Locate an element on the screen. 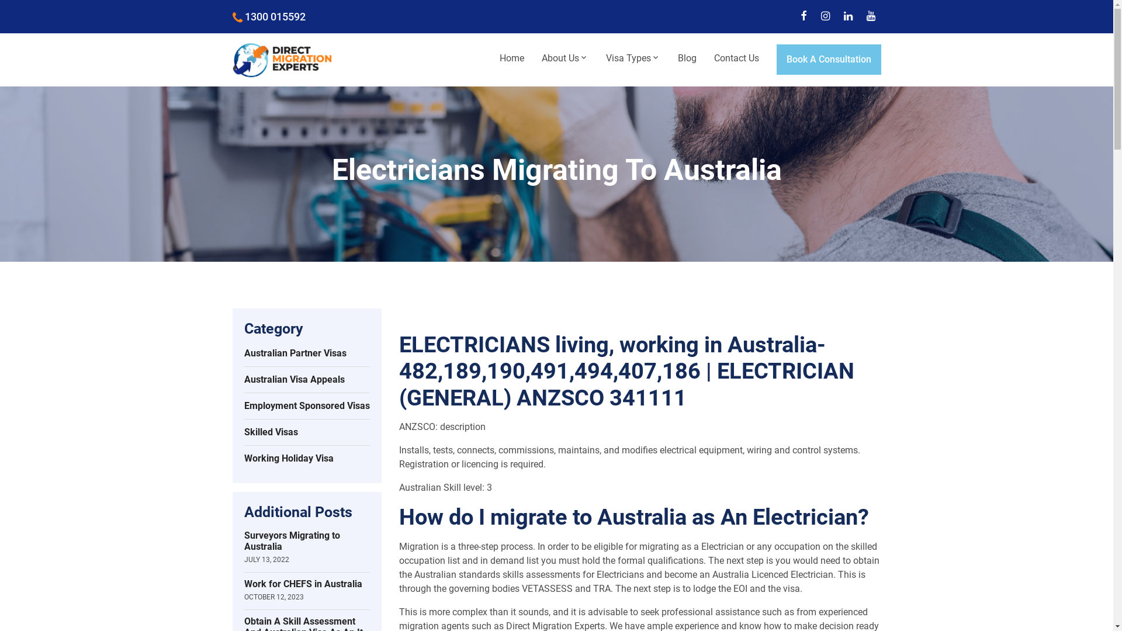 The image size is (1122, 631). 'About Us' is located at coordinates (532, 58).